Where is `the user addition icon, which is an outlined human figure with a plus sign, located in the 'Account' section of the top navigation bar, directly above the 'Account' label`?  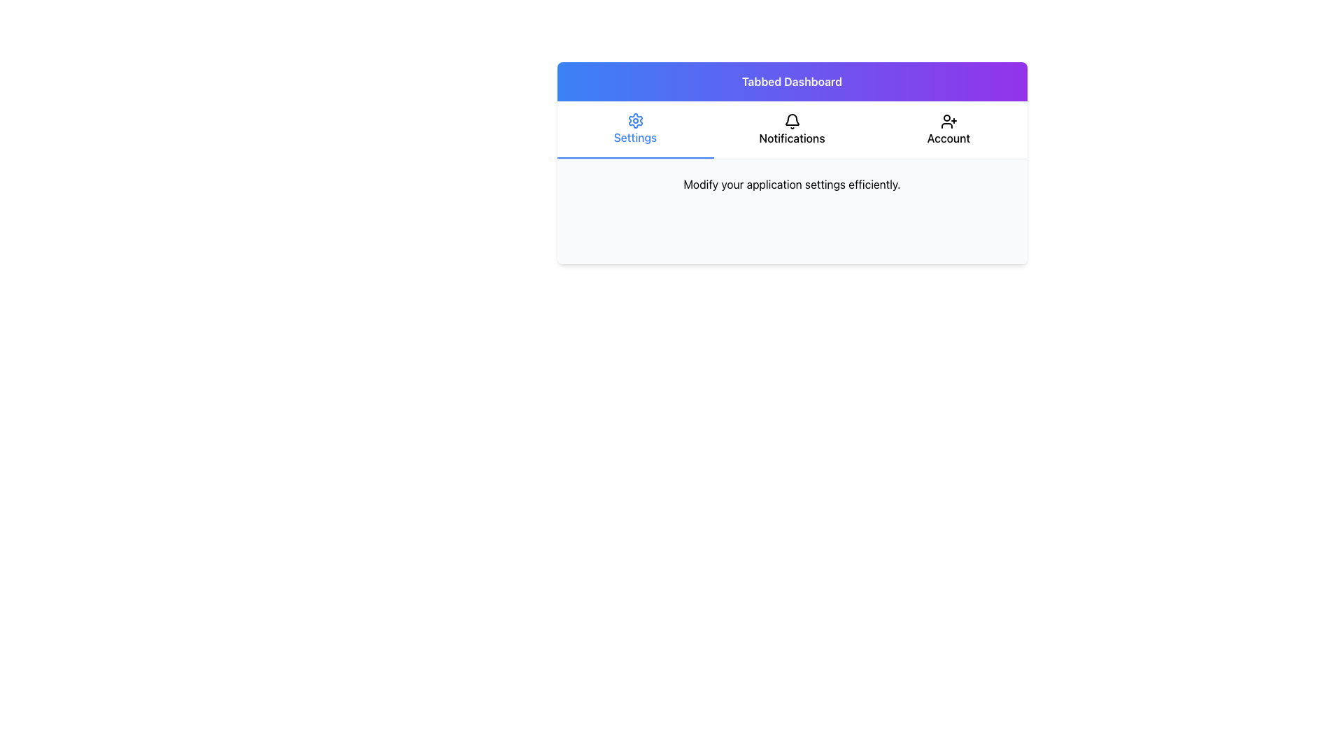
the user addition icon, which is an outlined human figure with a plus sign, located in the 'Account' section of the top navigation bar, directly above the 'Account' label is located at coordinates (948, 120).